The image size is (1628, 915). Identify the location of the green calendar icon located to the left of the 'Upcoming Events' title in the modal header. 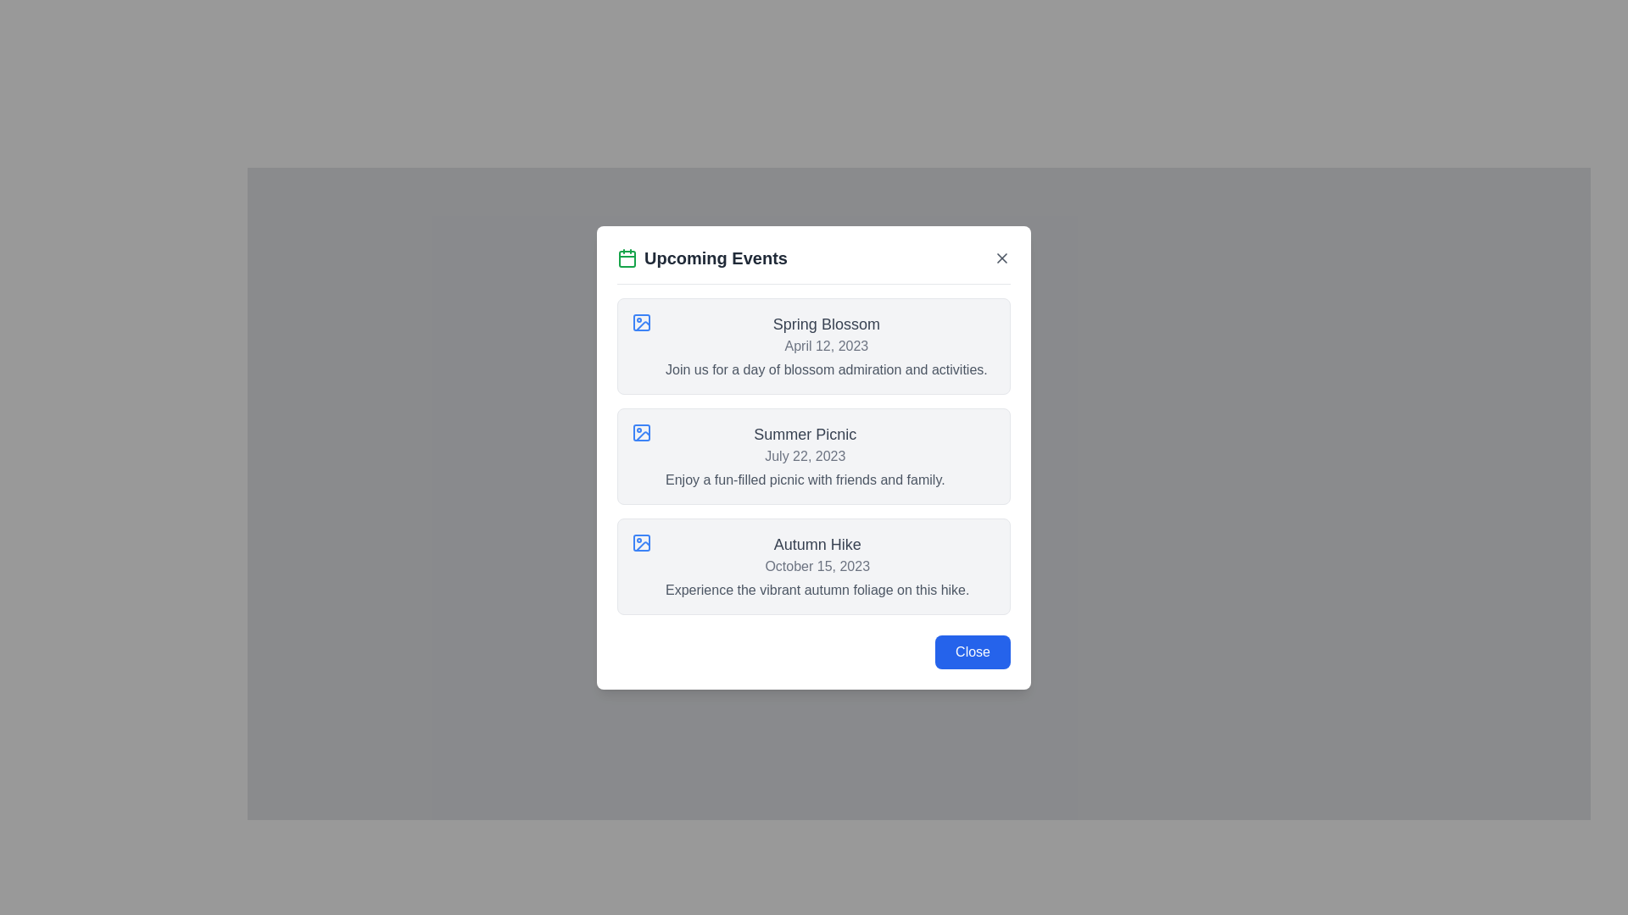
(626, 258).